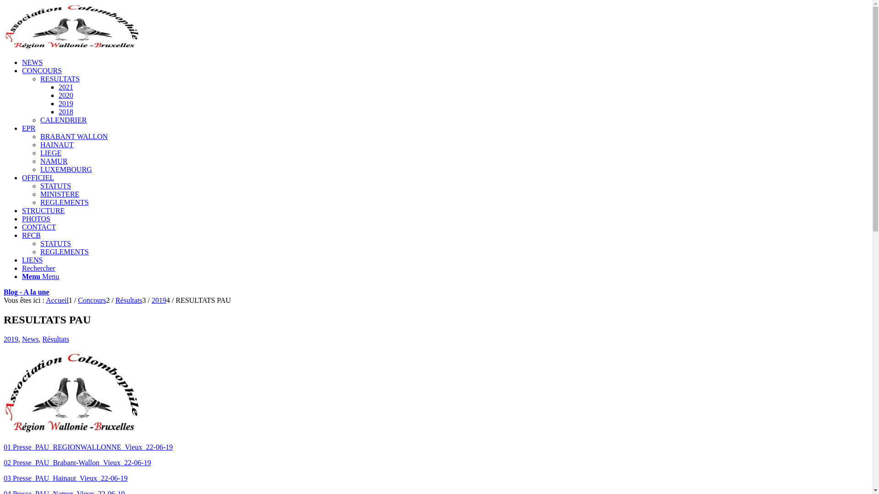 The width and height of the screenshot is (879, 494). I want to click on 'LIENS', so click(32, 260).